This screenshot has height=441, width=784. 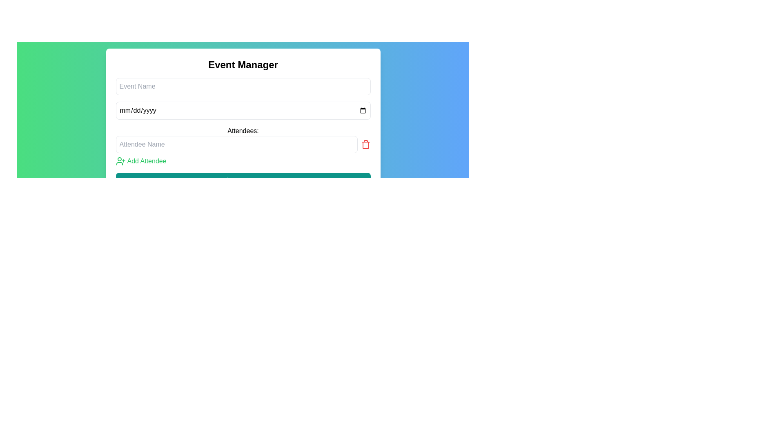 I want to click on the title Text element at the top of the card interface, which serves as a prominent title providing context to the user, so click(x=243, y=64).